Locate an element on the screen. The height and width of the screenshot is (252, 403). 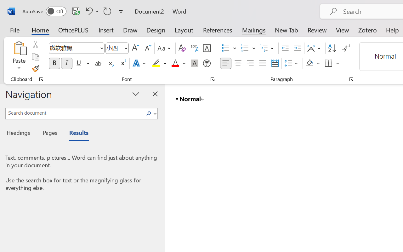
'Zotero' is located at coordinates (367, 30).